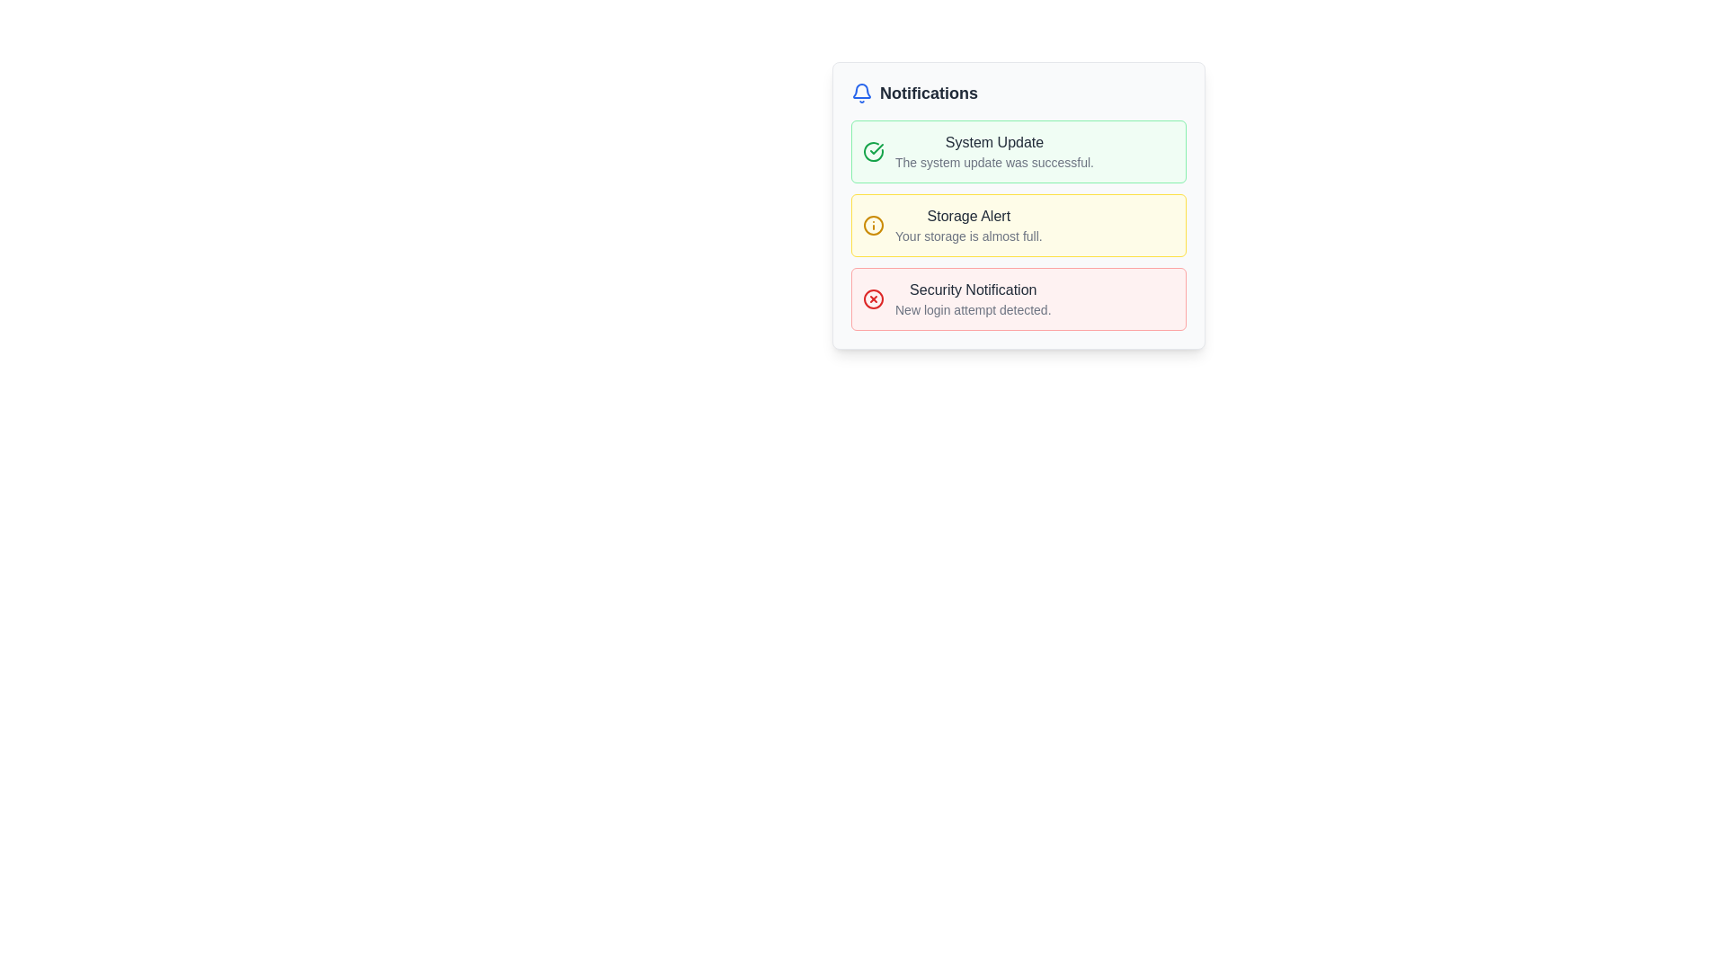  I want to click on the error icon (SVG circle with a cross) located to the left of the notification text under 'Security Notification', so click(873, 298).